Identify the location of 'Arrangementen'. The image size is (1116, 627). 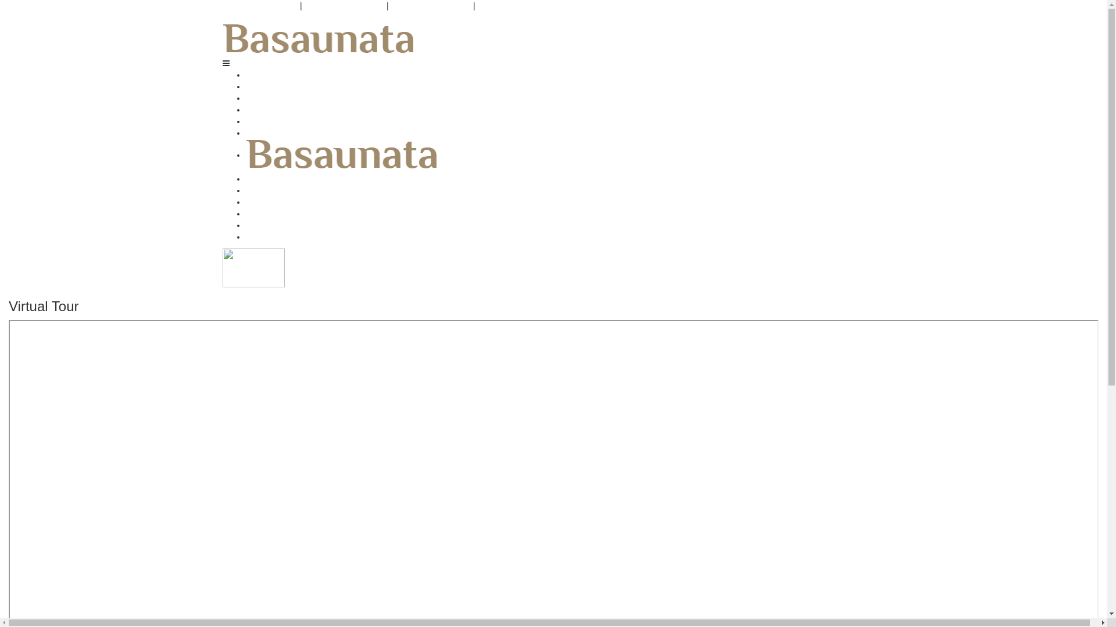
(273, 98).